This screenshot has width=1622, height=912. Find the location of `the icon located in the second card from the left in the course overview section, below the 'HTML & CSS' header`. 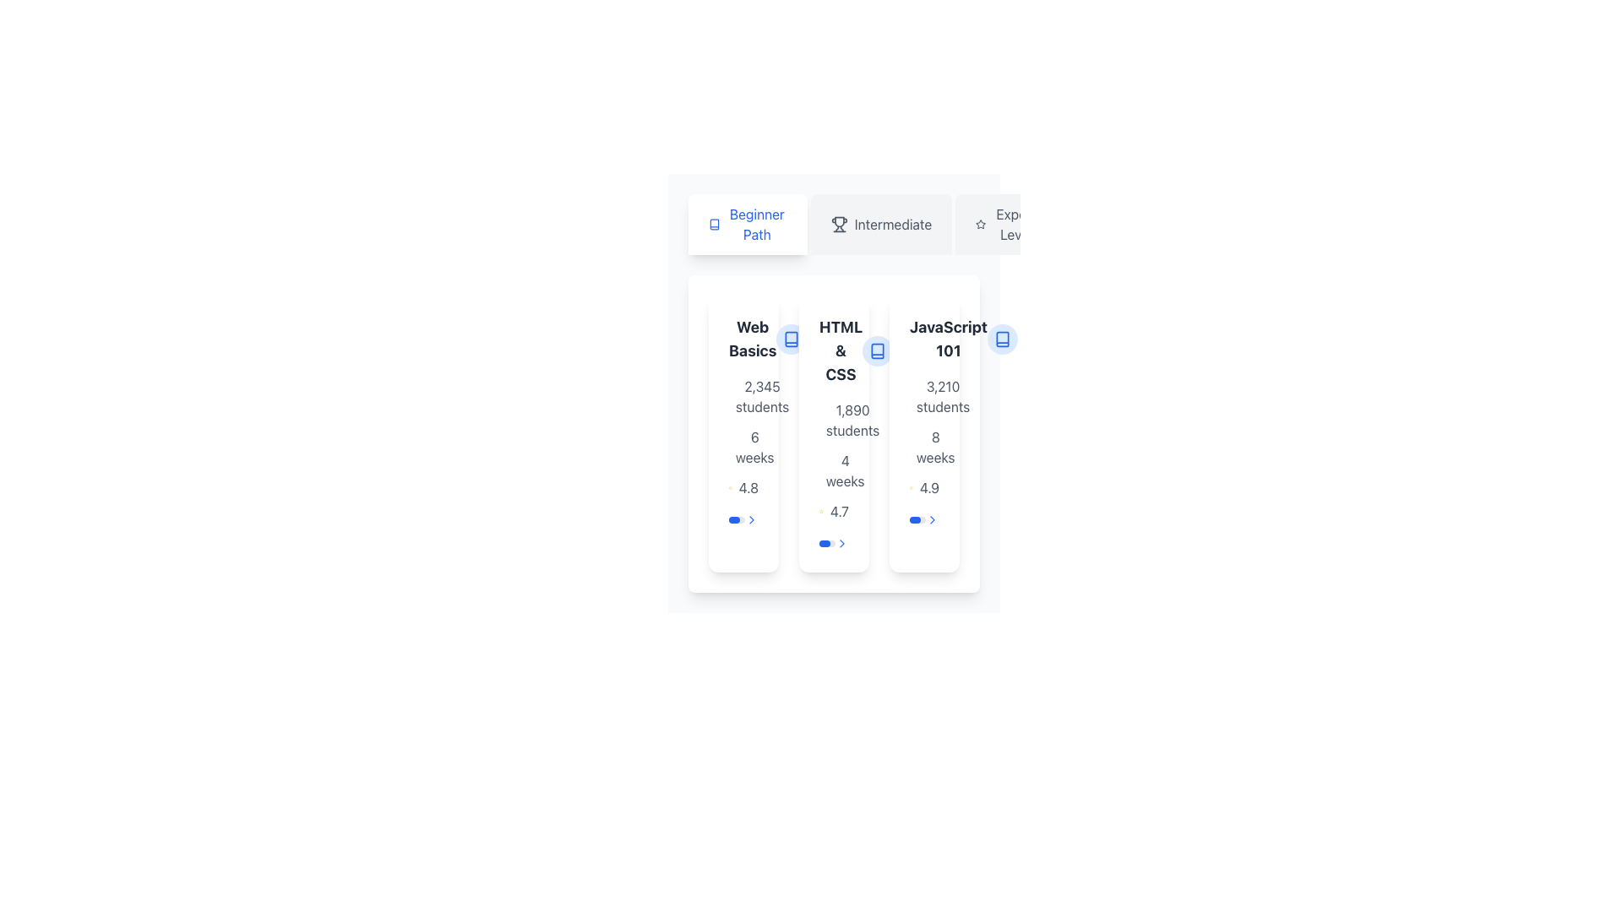

the icon located in the second card from the left in the course overview section, below the 'HTML & CSS' header is located at coordinates (878, 350).